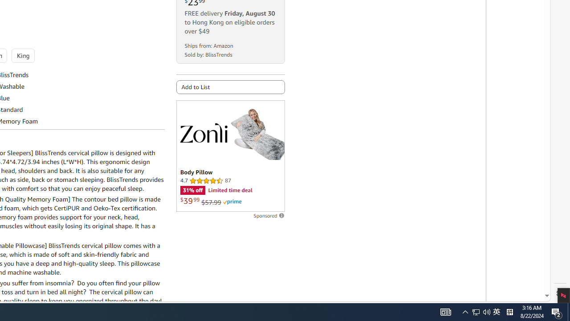 This screenshot has height=321, width=570. What do you see at coordinates (230, 87) in the screenshot?
I see `'Add to List'` at bounding box center [230, 87].